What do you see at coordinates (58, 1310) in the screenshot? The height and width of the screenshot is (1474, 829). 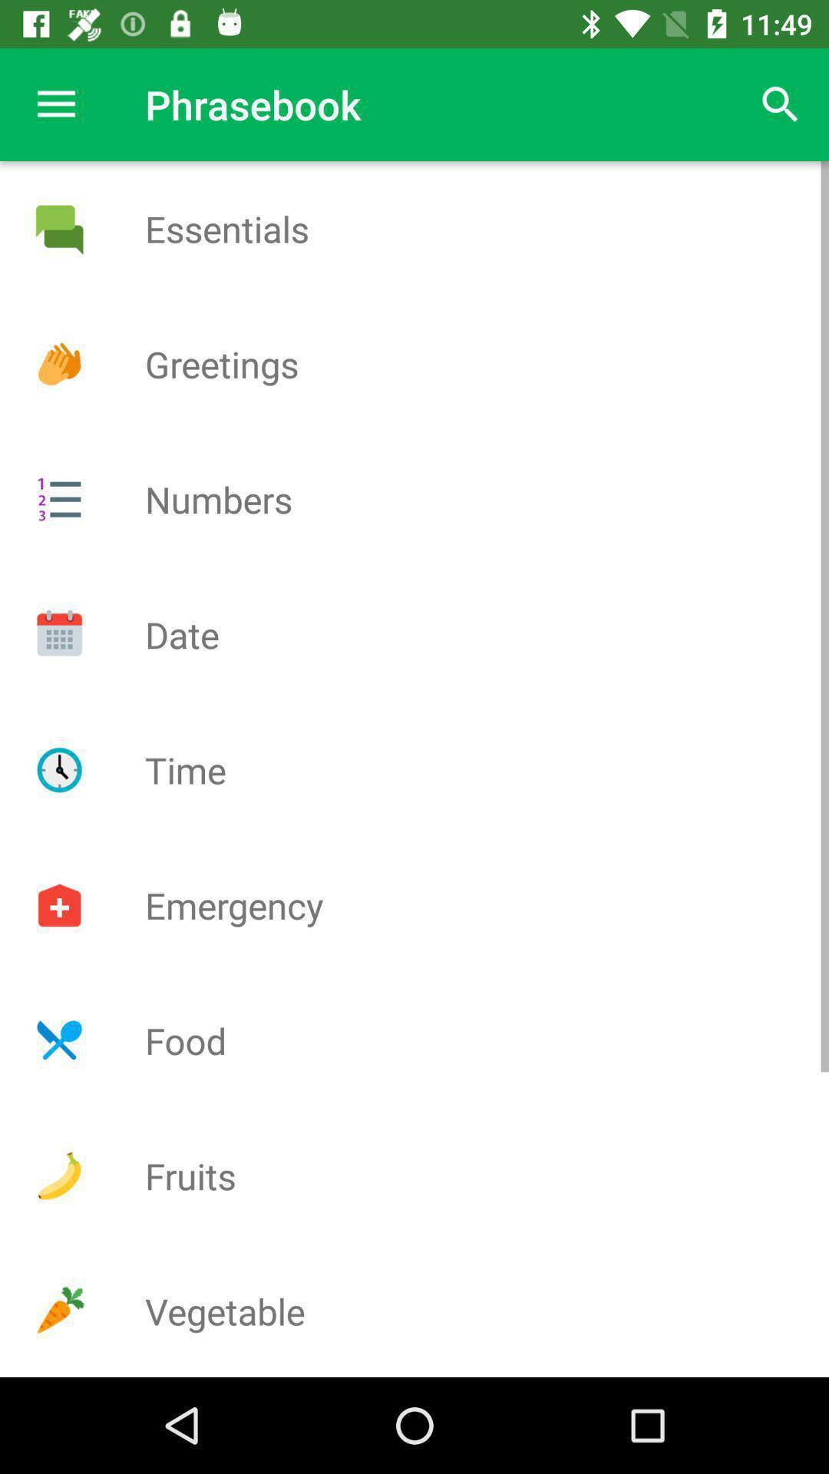 I see `vegetable option` at bounding box center [58, 1310].